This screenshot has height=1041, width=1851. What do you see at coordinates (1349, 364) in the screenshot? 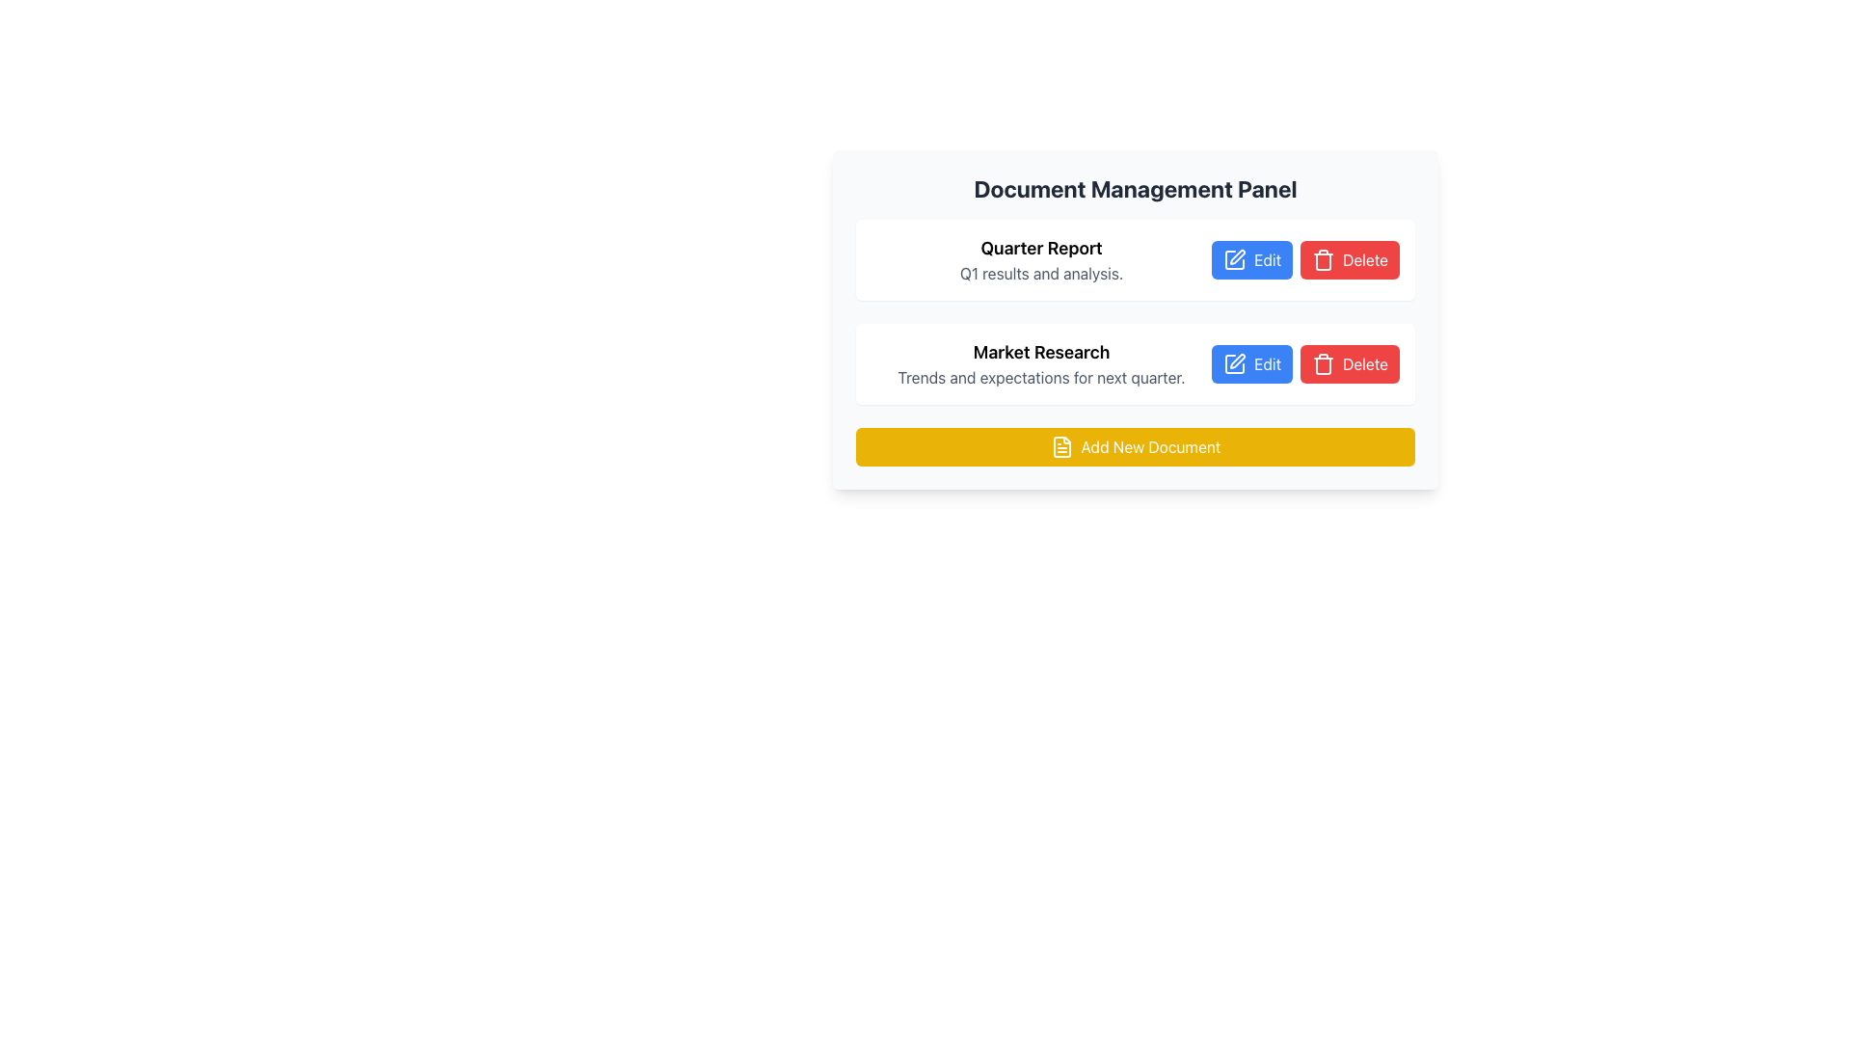
I see `the delete button located in the second row, rightmost position adjacent to the blue 'Edit' button to observe any hover effects` at bounding box center [1349, 364].